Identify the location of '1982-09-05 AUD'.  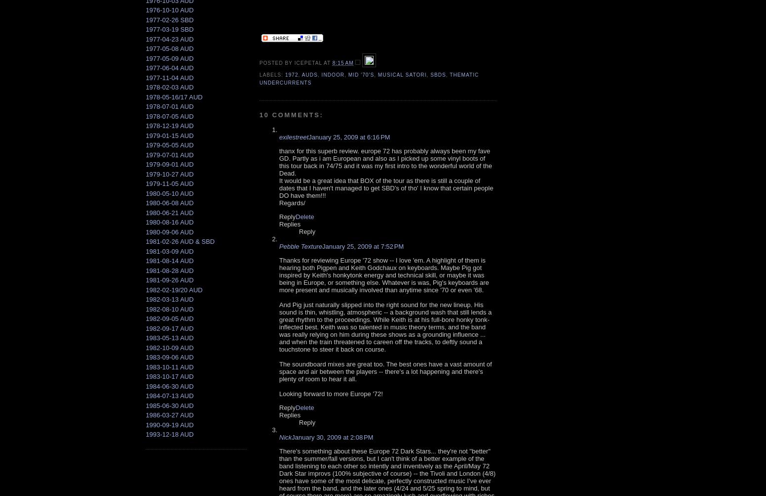
(145, 318).